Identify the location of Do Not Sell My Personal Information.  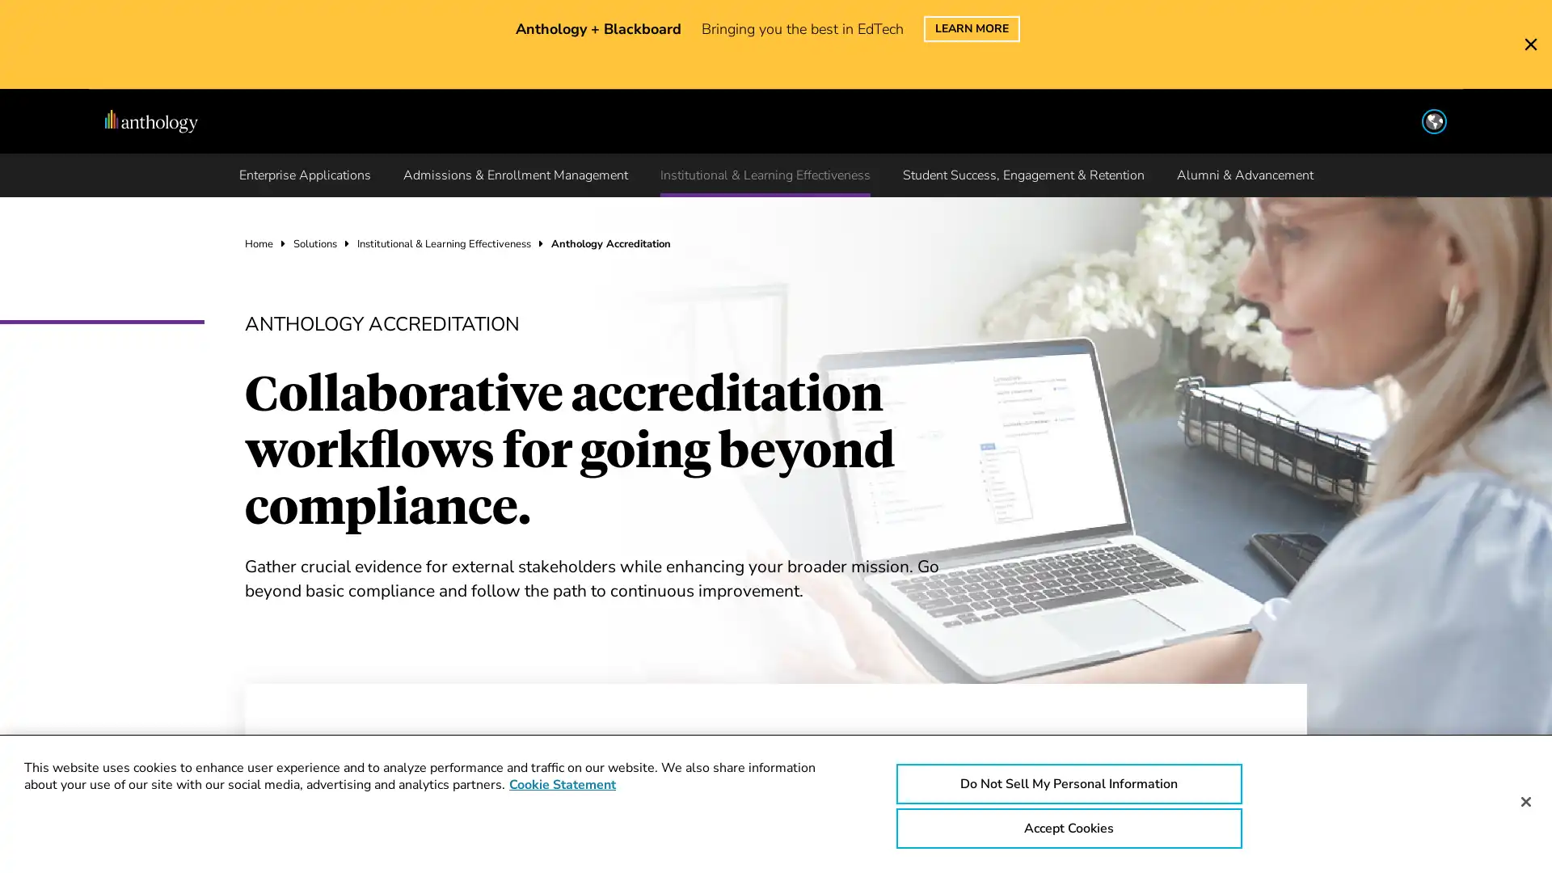
(1068, 782).